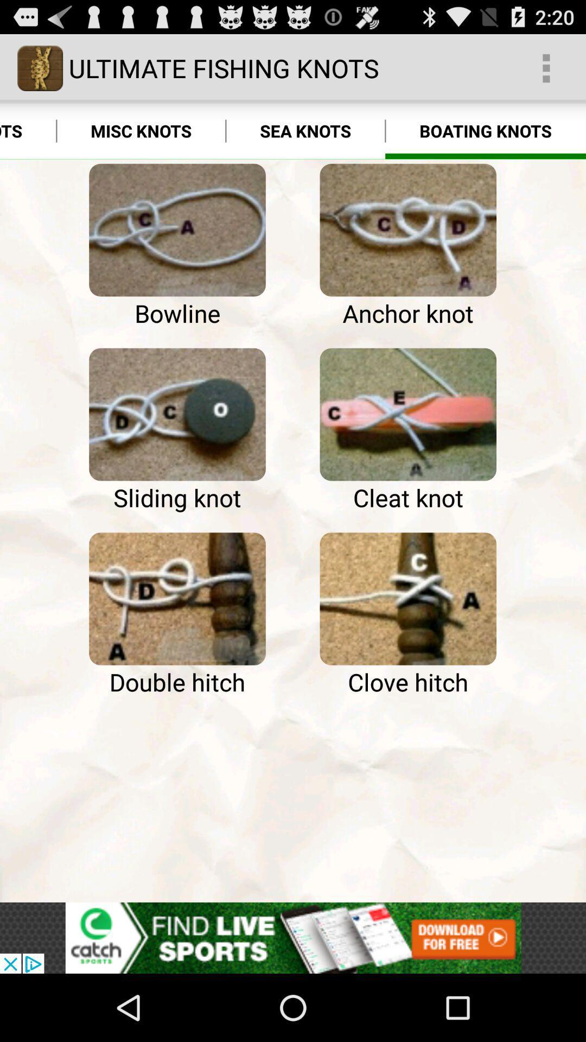  I want to click on option, so click(177, 598).